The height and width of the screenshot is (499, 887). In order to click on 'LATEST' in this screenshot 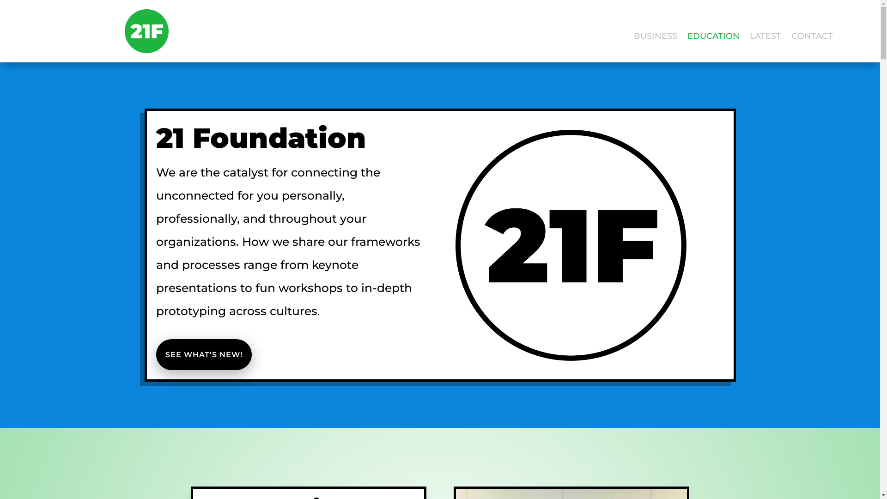, I will do `click(765, 37)`.